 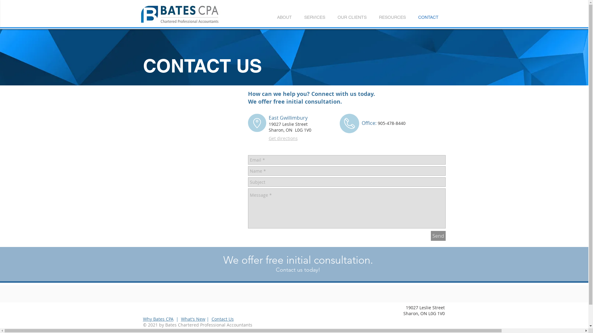 What do you see at coordinates (351, 17) in the screenshot?
I see `'OUR CLIENTS'` at bounding box center [351, 17].